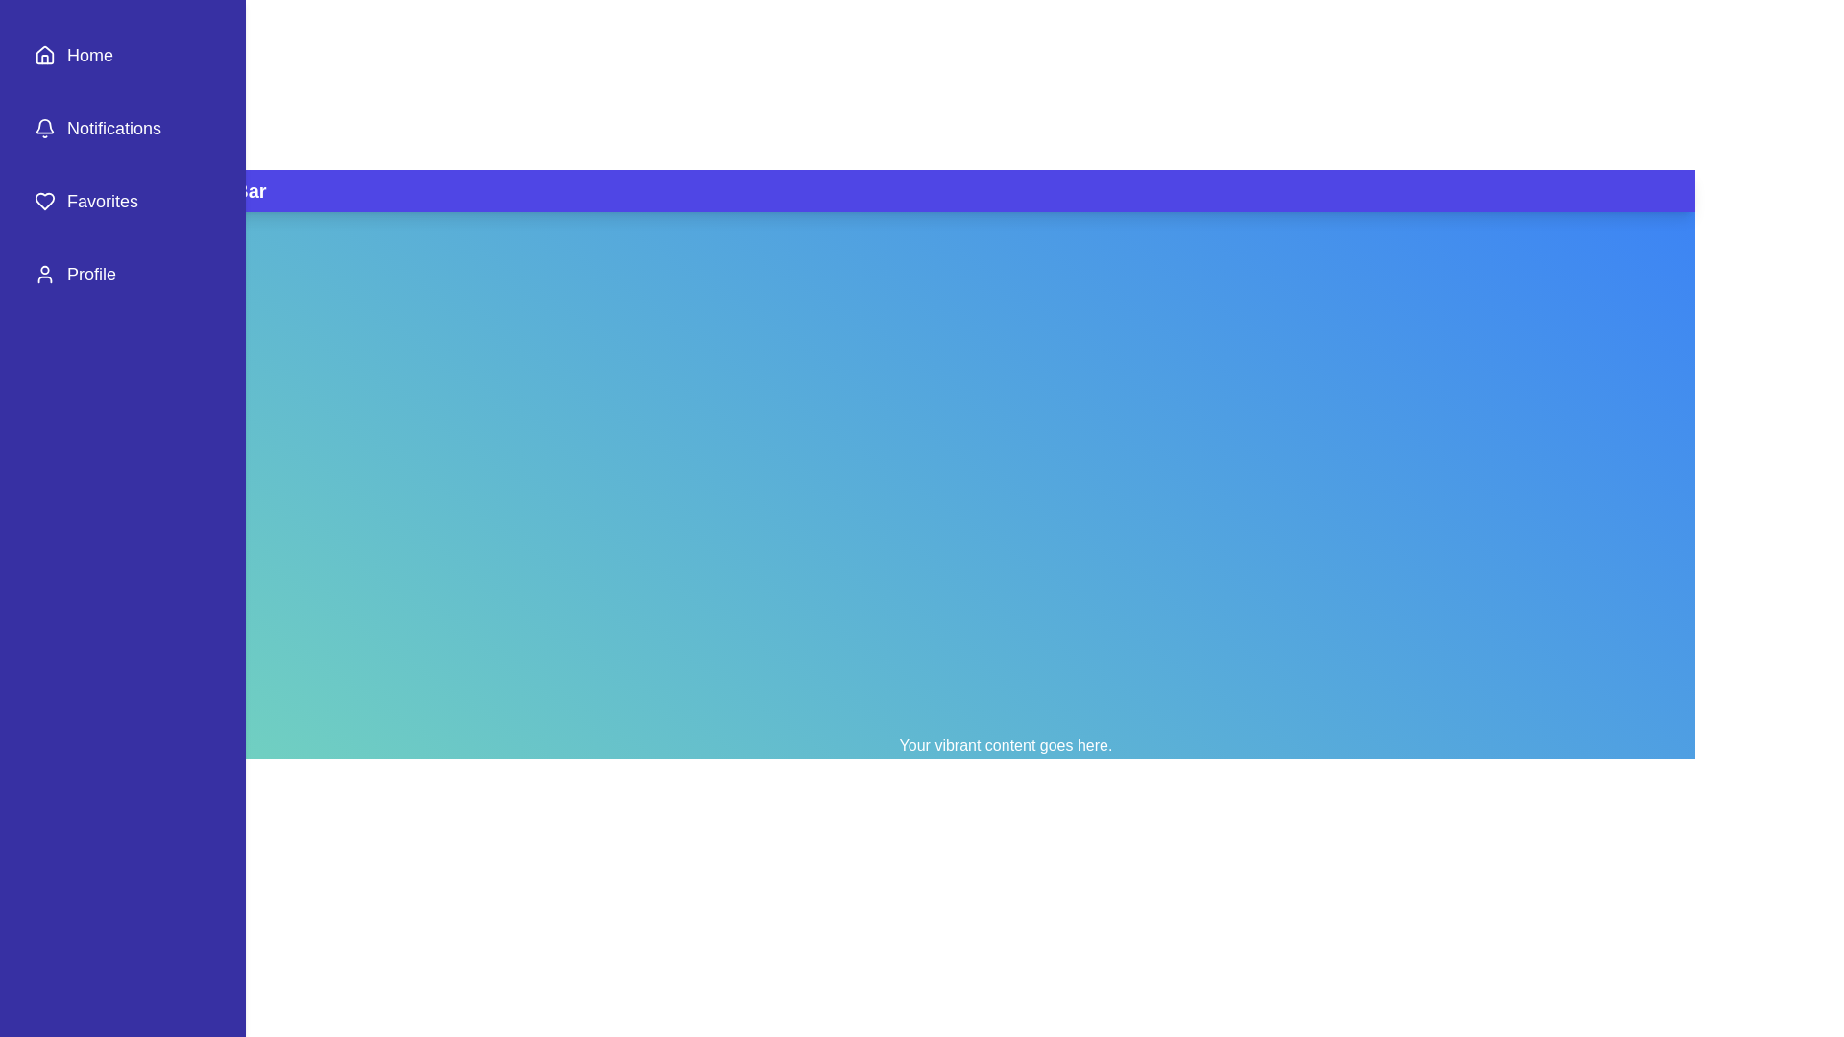 Image resolution: width=1844 pixels, height=1037 pixels. Describe the element at coordinates (122, 54) in the screenshot. I see `the sidebar item Home to reveal its hover effect` at that location.